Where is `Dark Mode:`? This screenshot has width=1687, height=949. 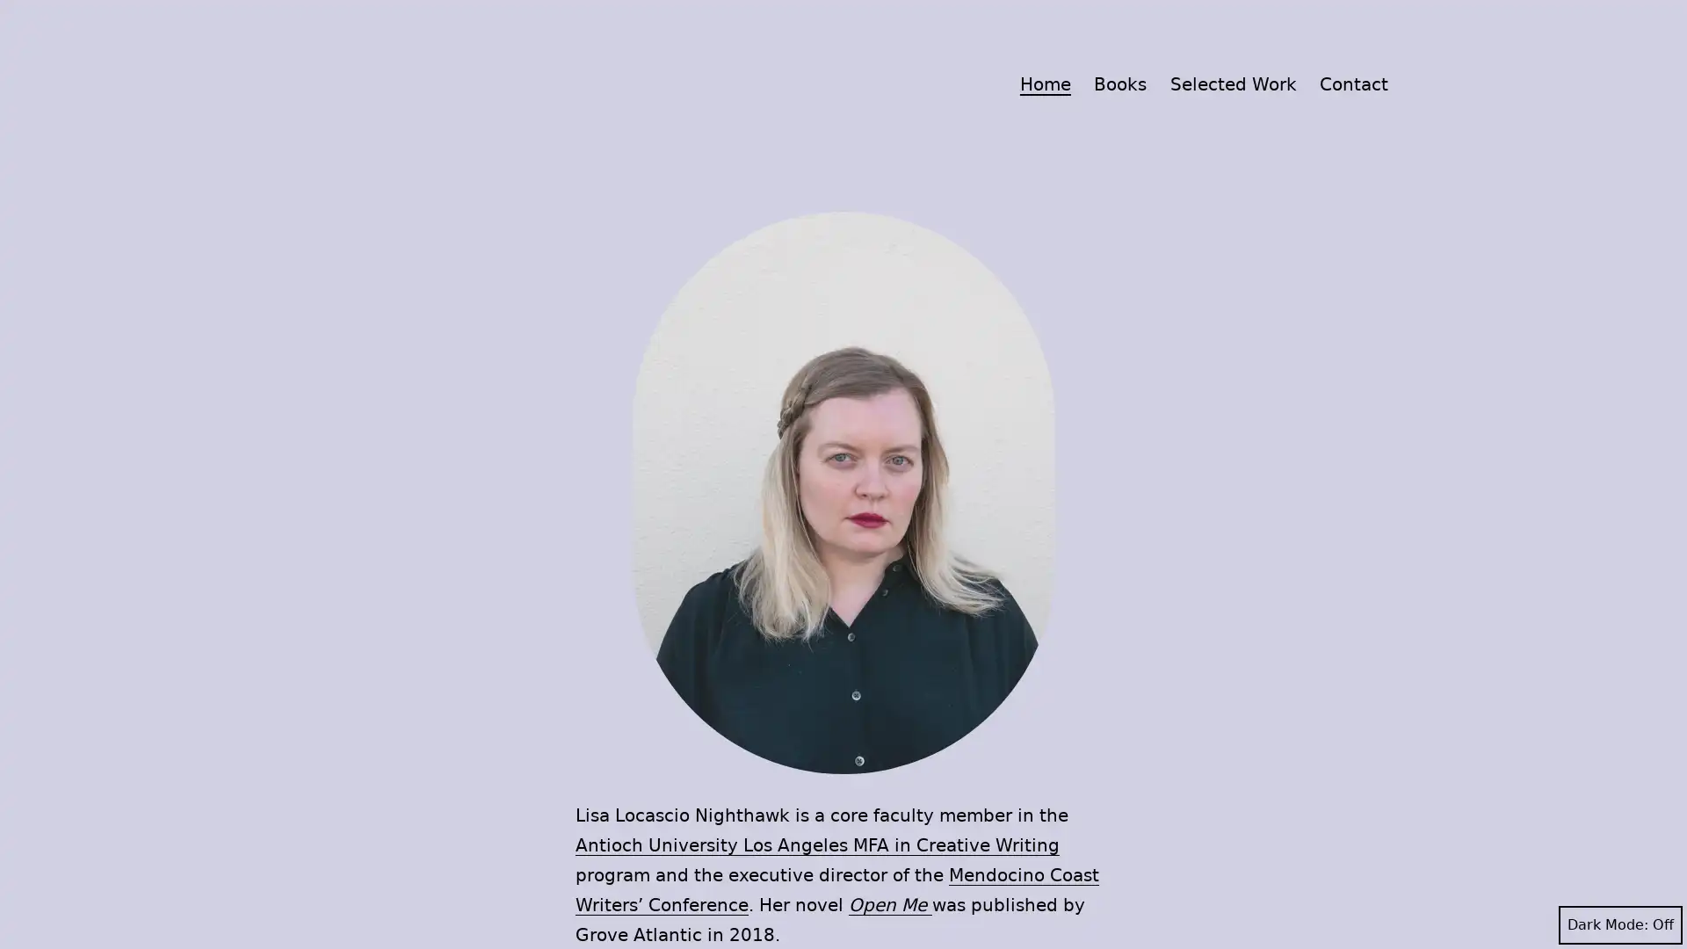 Dark Mode: is located at coordinates (1619, 924).